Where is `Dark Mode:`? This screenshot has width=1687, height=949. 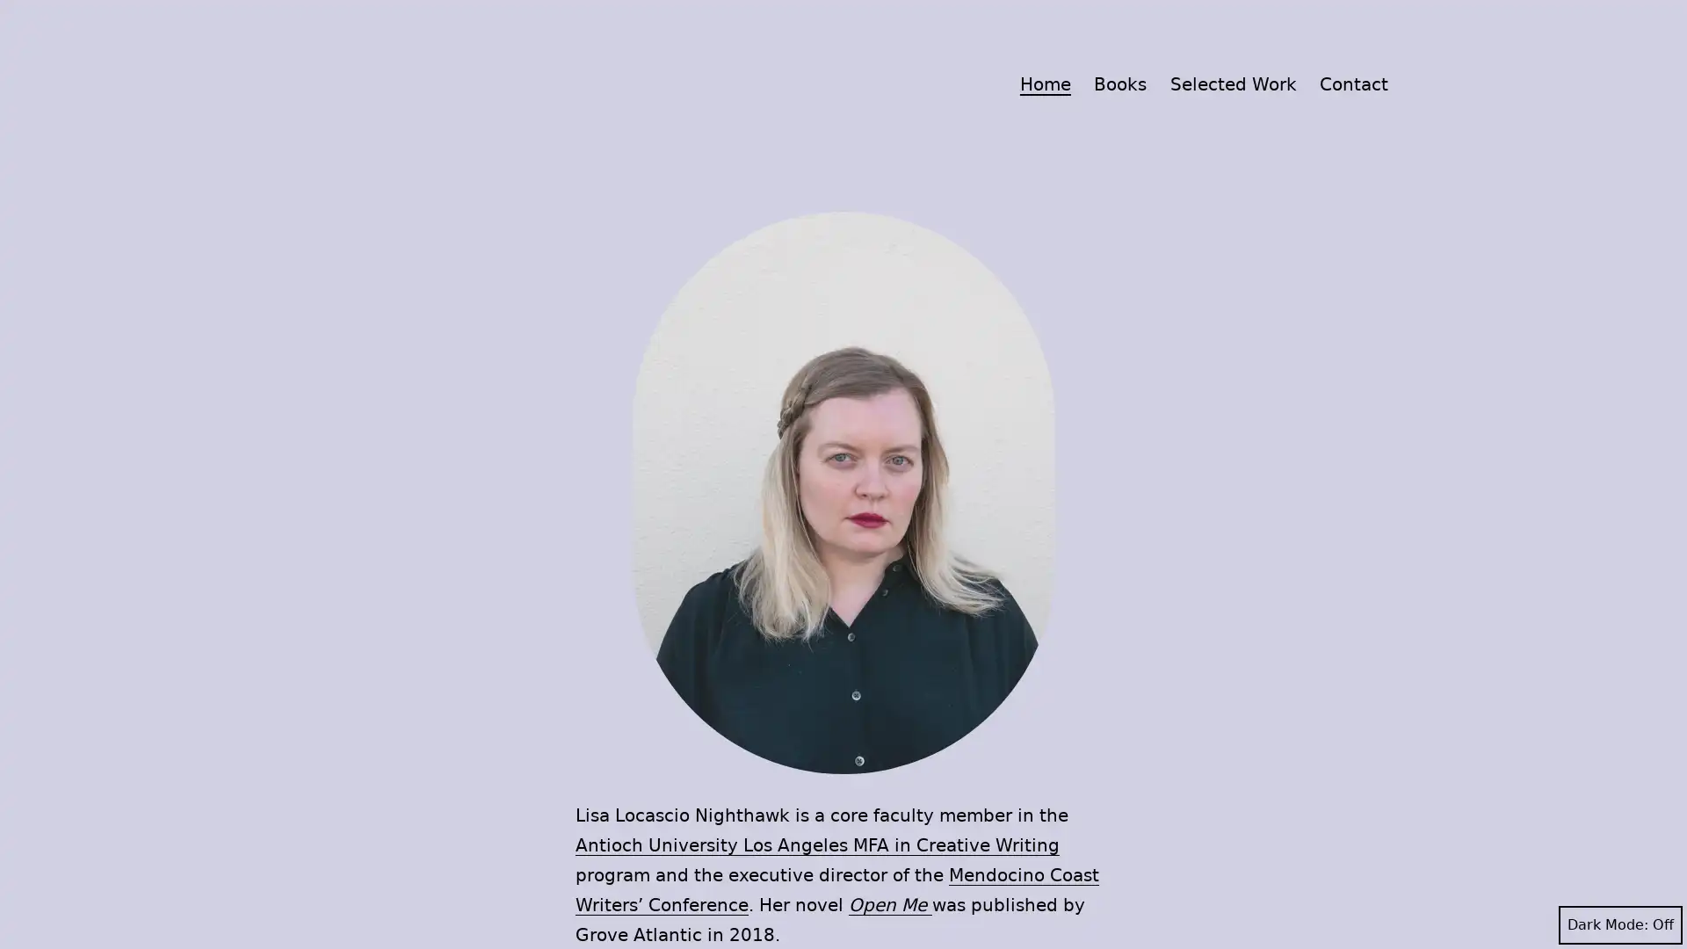 Dark Mode: is located at coordinates (1619, 924).